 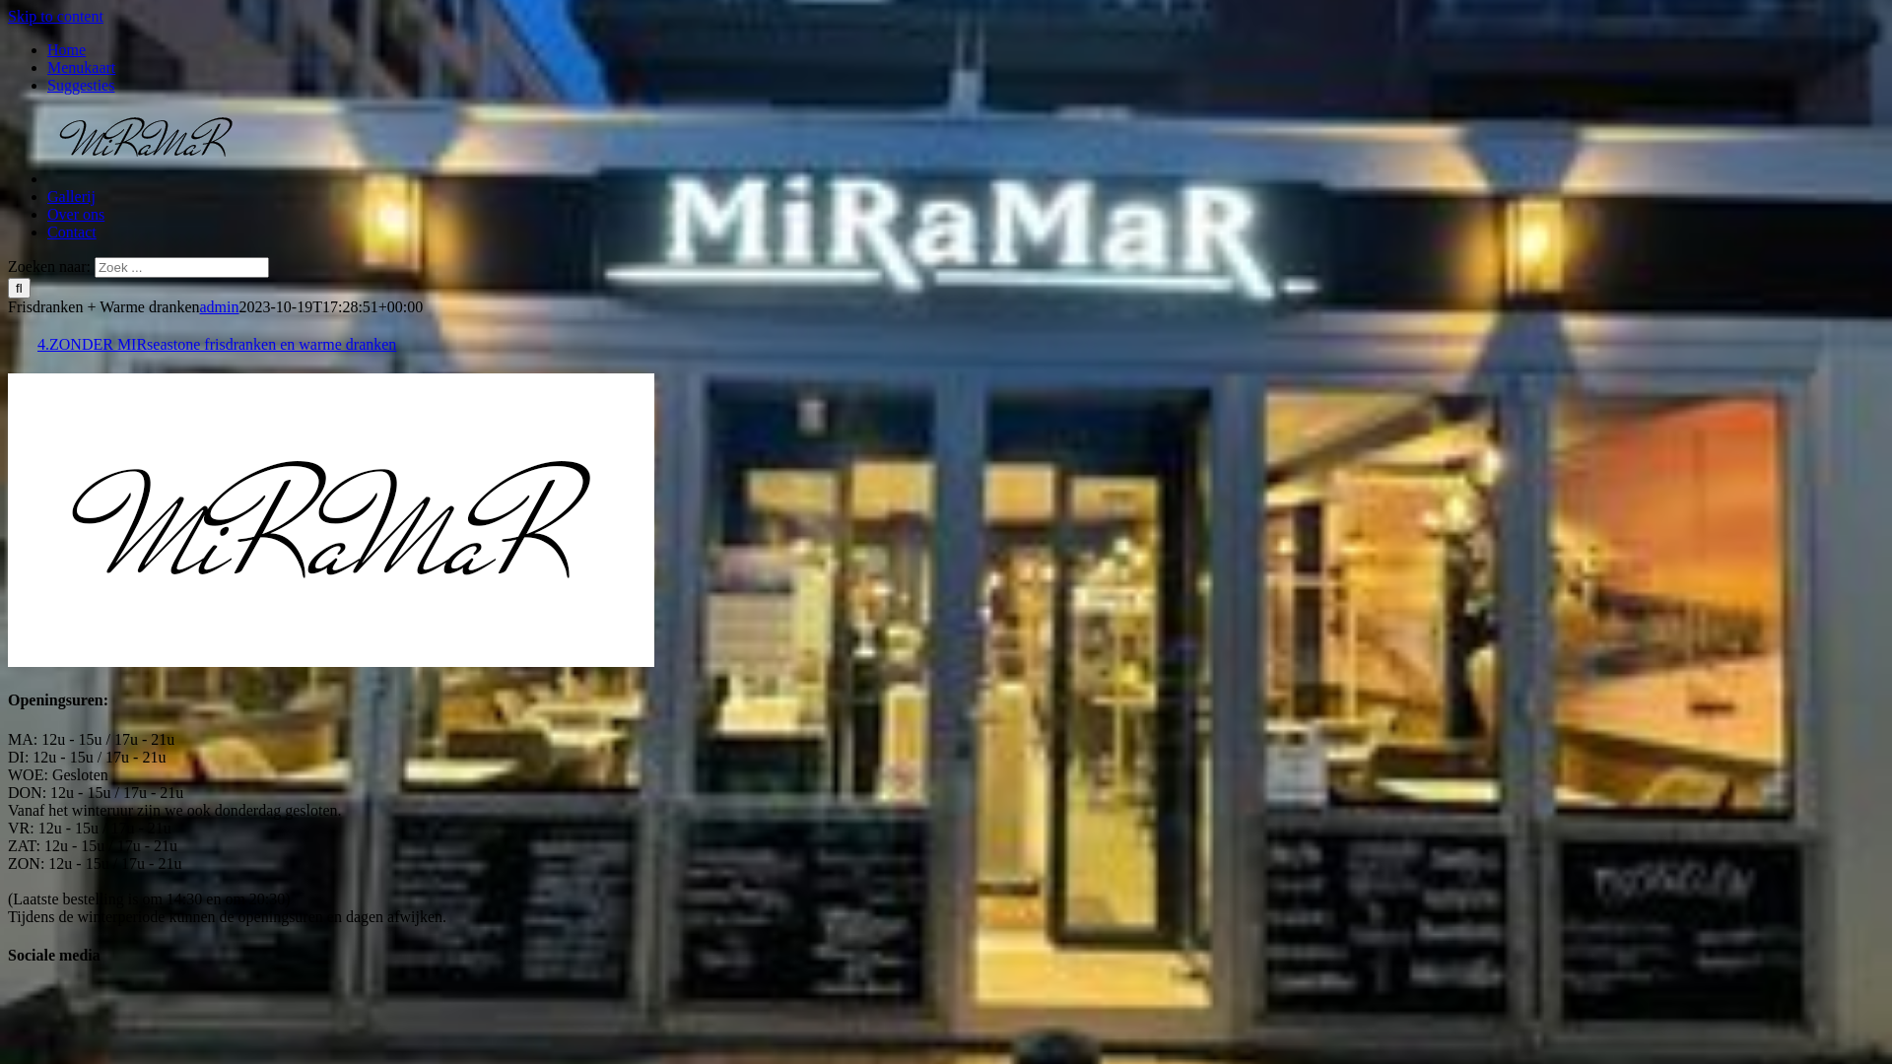 What do you see at coordinates (80, 66) in the screenshot?
I see `'Menukaart'` at bounding box center [80, 66].